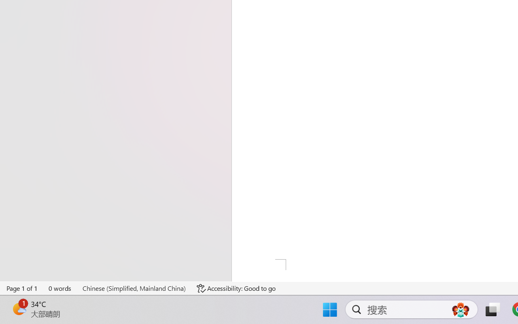 The image size is (518, 324). I want to click on 'Accessibility Checker Accessibility: Good to go', so click(236, 288).